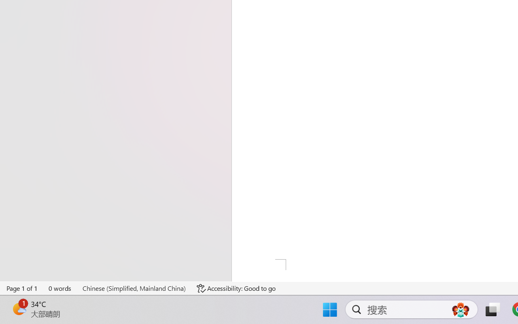 The image size is (518, 324). I want to click on 'Accessibility Checker Accessibility: Good to go', so click(236, 288).